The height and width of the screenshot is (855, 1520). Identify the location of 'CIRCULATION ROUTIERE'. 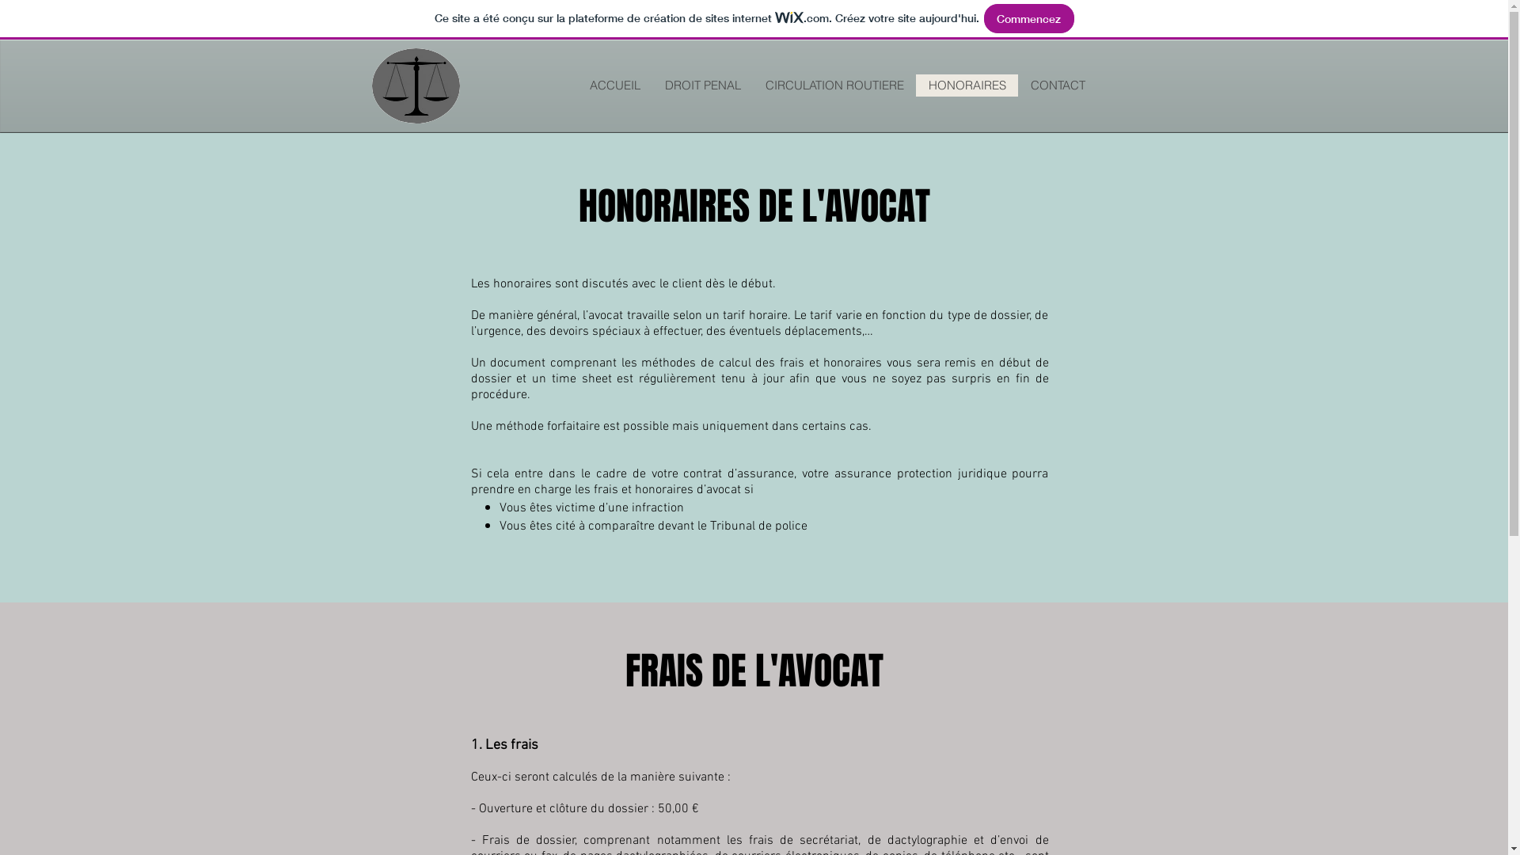
(832, 85).